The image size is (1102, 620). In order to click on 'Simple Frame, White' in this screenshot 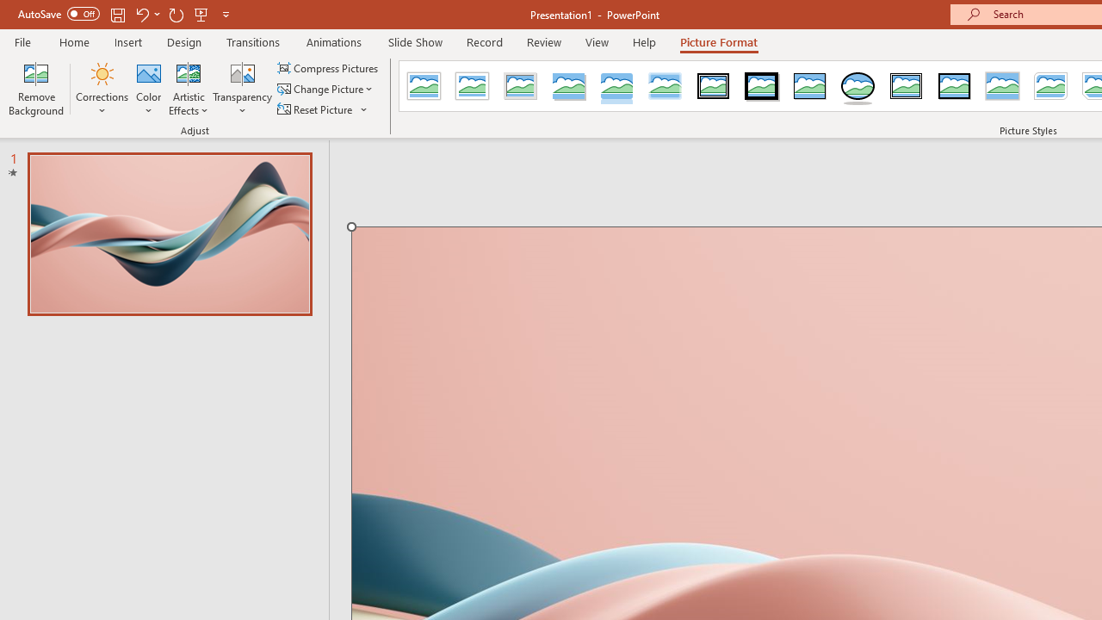, I will do `click(424, 86)`.